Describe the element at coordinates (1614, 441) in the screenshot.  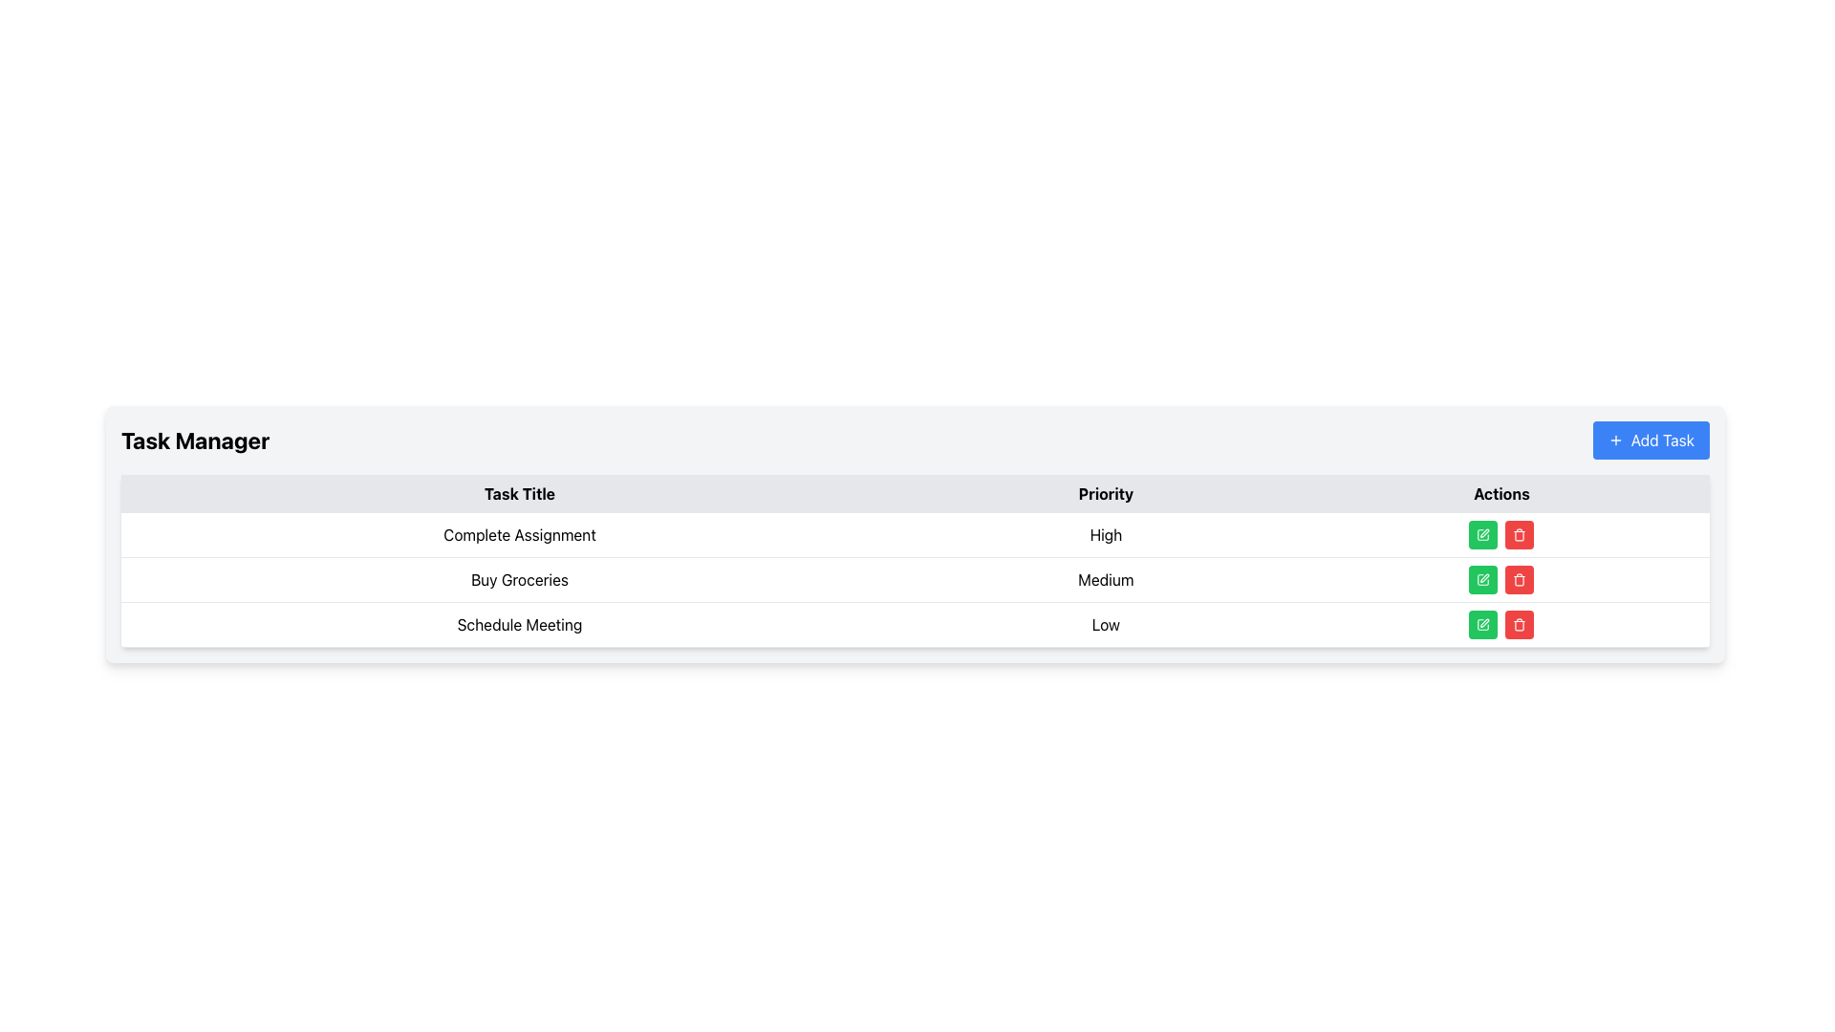
I see `the icon within the 'Add Task' button located at the top-right corner of the application interface` at that location.